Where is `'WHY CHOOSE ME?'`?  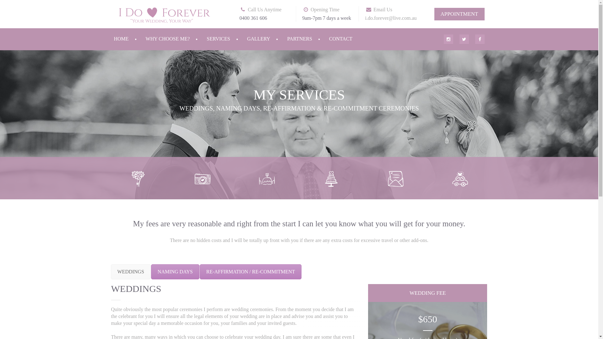
'WHY CHOOSE ME?' is located at coordinates (175, 39).